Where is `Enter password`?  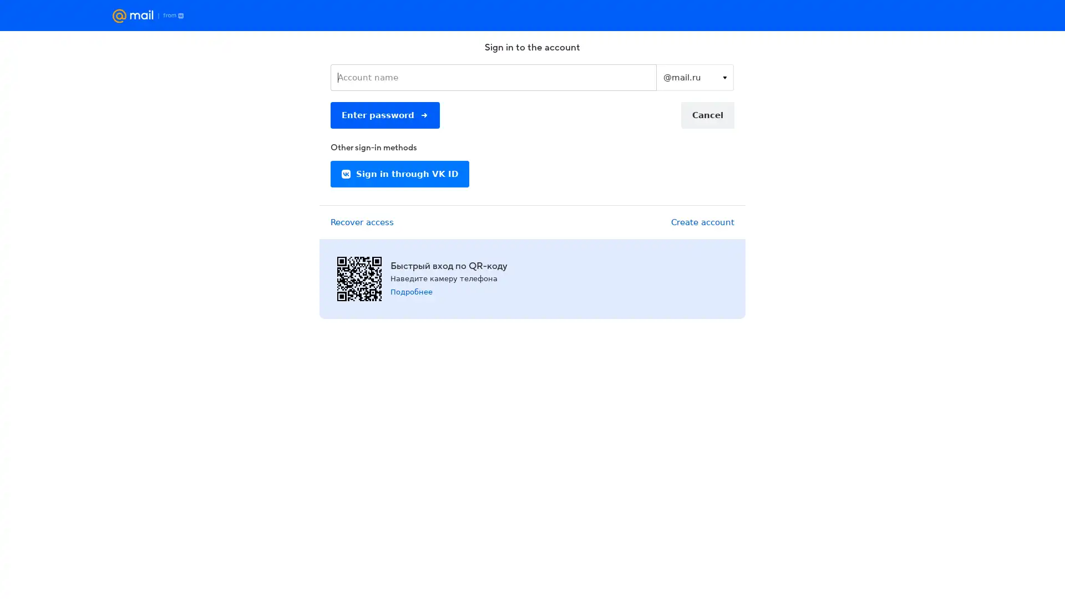
Enter password is located at coordinates (385, 115).